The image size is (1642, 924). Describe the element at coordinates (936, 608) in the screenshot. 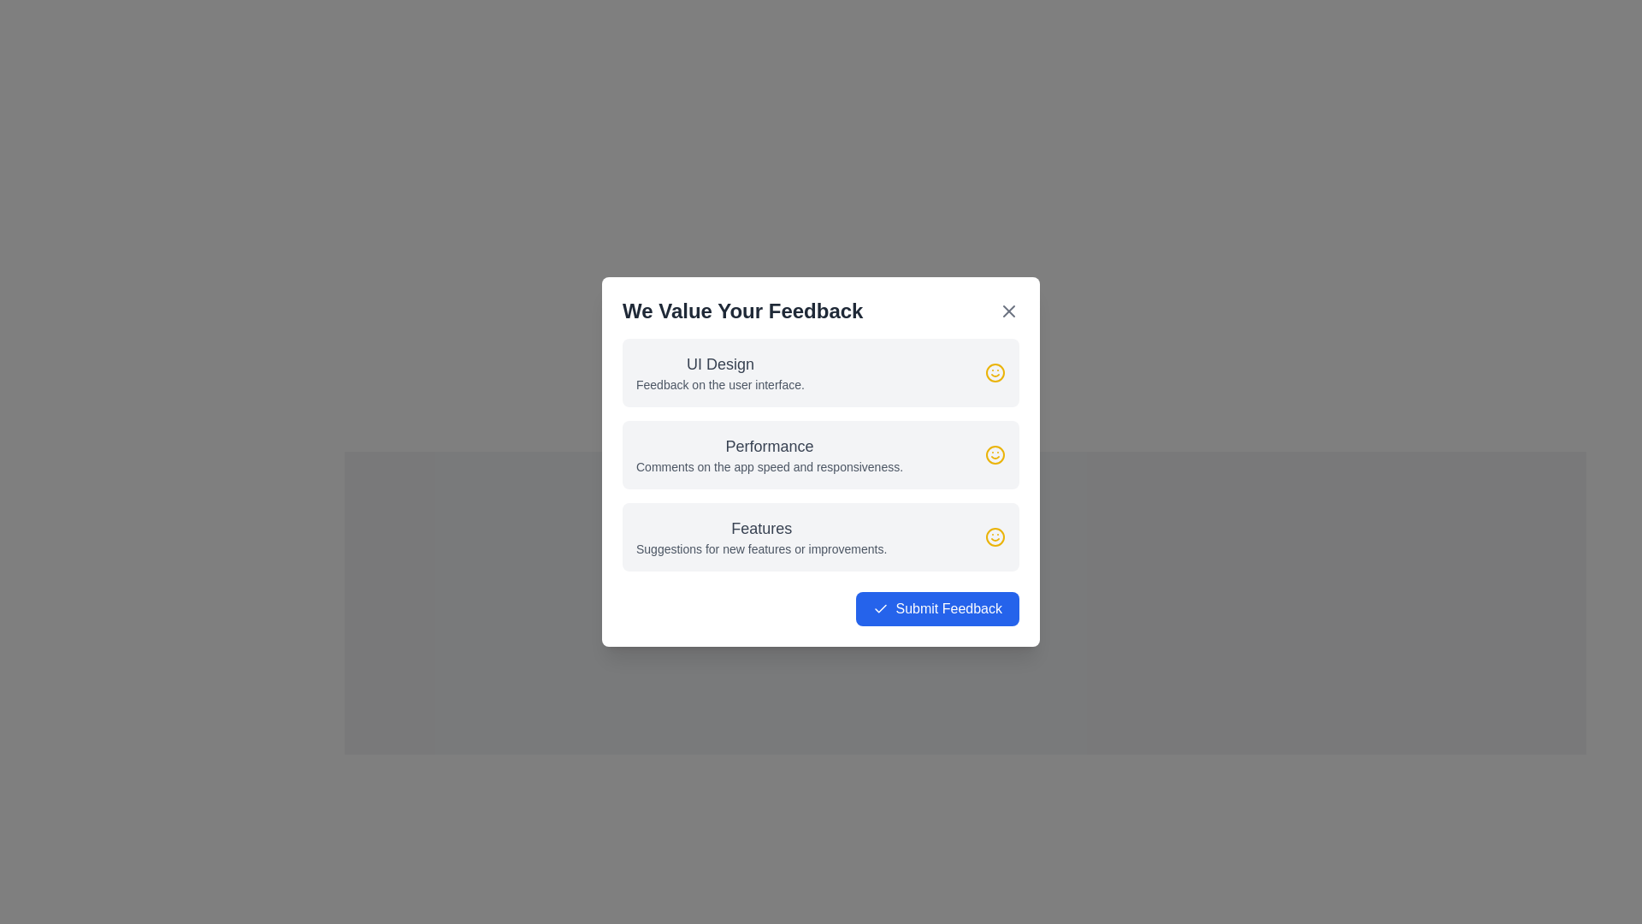

I see `the 'Submit Feedback' button with a blue background and white text, located at the bottom center of the modal dialog` at that location.